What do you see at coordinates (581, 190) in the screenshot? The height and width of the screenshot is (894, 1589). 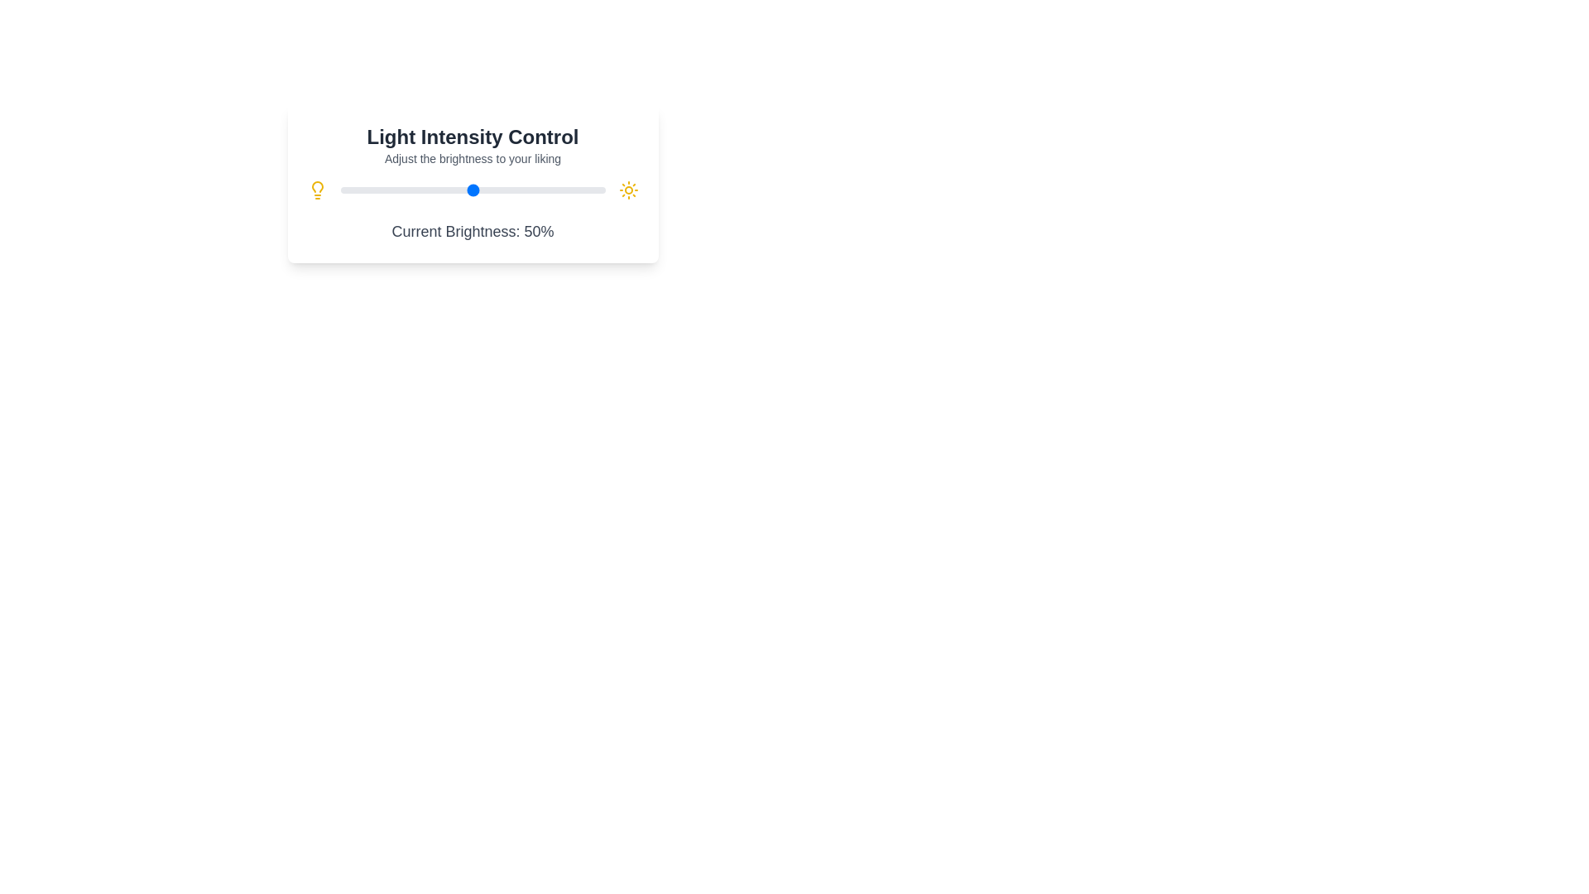 I see `the brightness slider to 91%` at bounding box center [581, 190].